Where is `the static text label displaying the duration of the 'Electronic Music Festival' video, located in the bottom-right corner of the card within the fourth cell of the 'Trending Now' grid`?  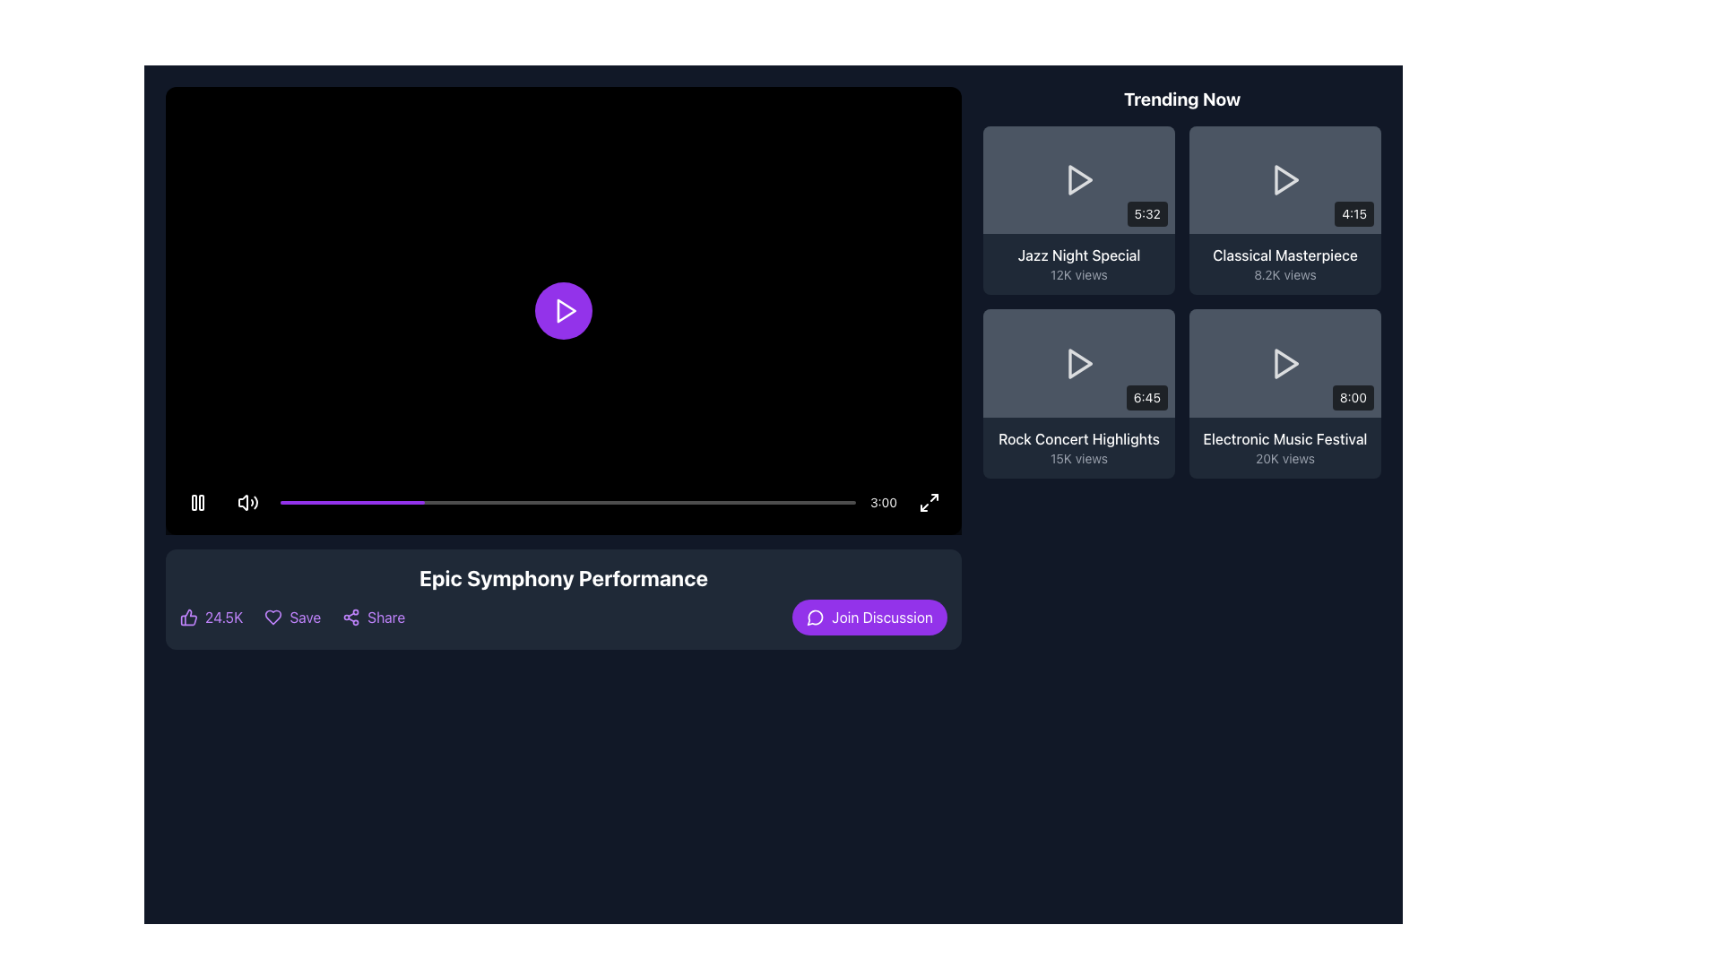 the static text label displaying the duration of the 'Electronic Music Festival' video, located in the bottom-right corner of the card within the fourth cell of the 'Trending Now' grid is located at coordinates (1353, 396).